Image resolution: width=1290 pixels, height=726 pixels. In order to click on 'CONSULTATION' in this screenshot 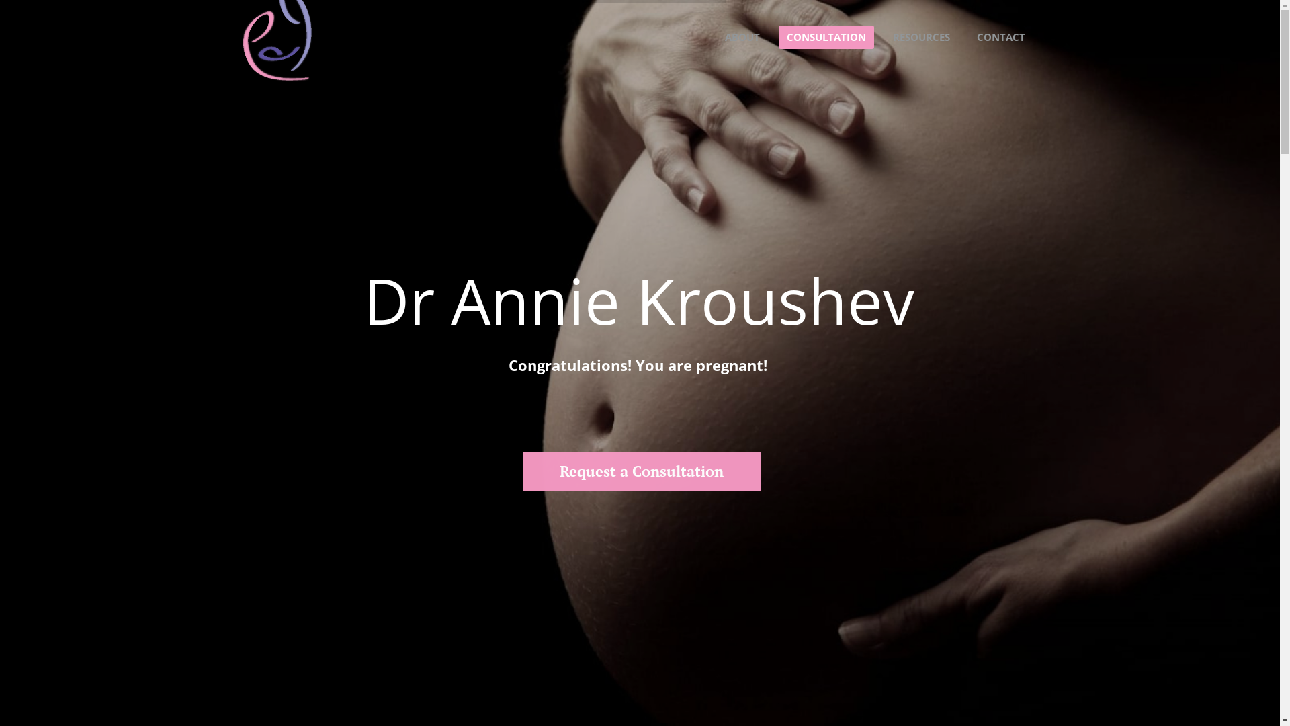, I will do `click(824, 36)`.